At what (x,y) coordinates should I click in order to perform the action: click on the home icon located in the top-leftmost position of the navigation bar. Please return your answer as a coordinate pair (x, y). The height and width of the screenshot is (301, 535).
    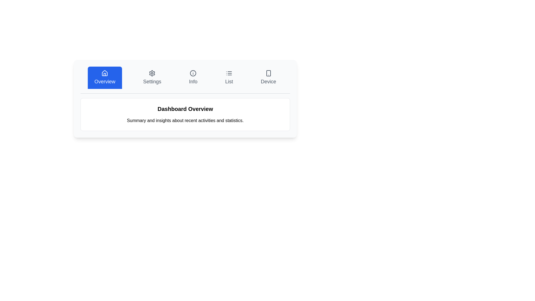
    Looking at the image, I should click on (105, 73).